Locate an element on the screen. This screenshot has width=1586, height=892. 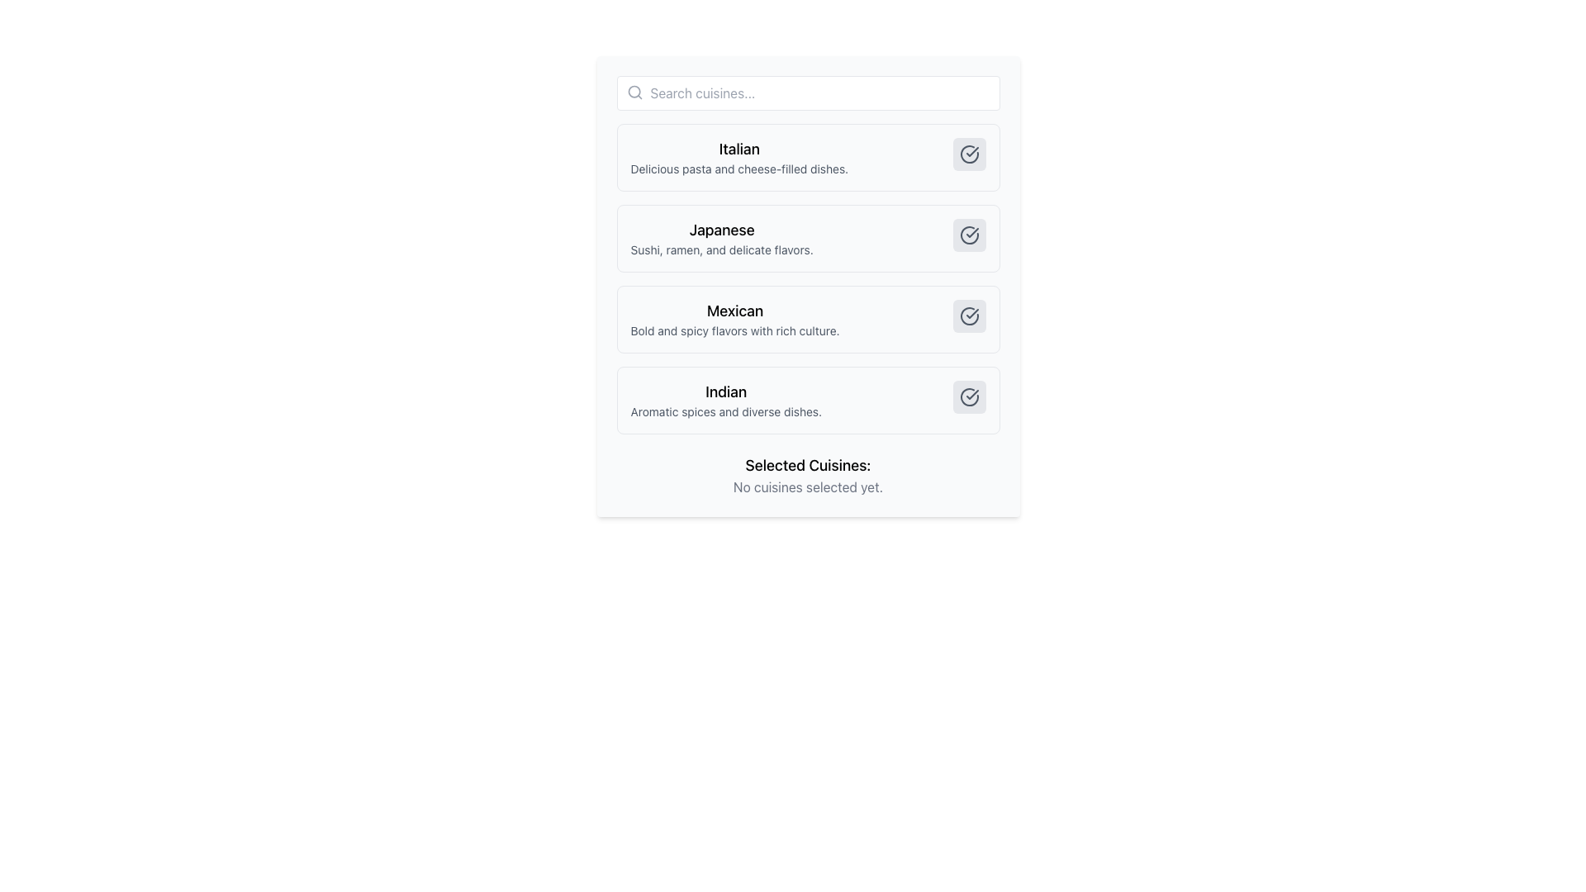
the label displaying 'Selected Cuisines:' which is styled with a medium-sized emphasized font, located above the message 'No cuisines selected yet.' is located at coordinates (808, 465).